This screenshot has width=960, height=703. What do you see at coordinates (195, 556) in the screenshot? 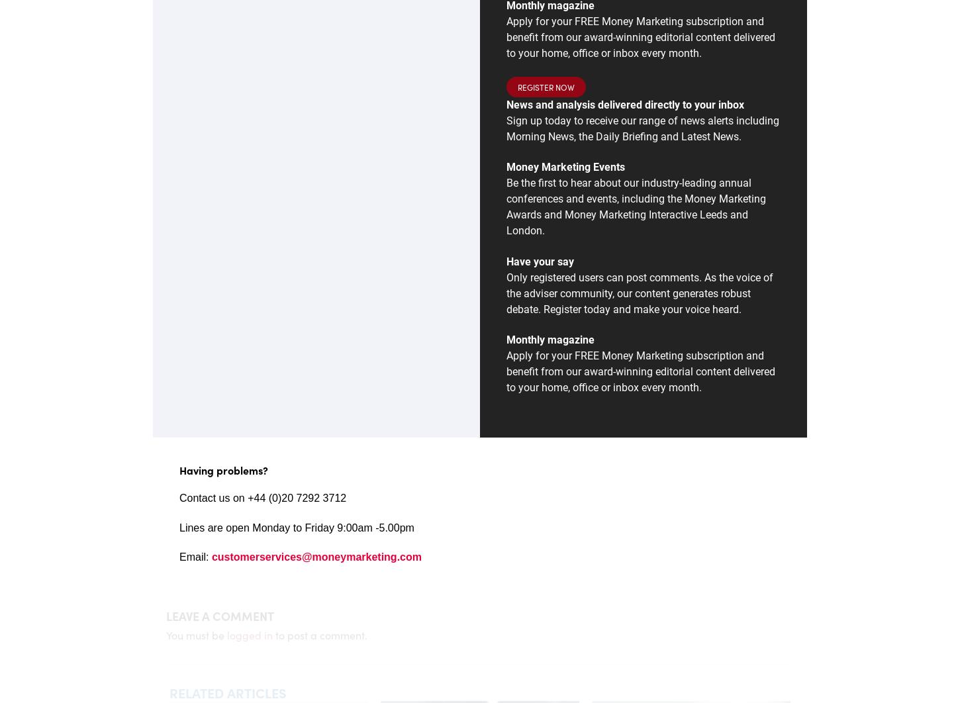
I see `'Email:'` at bounding box center [195, 556].